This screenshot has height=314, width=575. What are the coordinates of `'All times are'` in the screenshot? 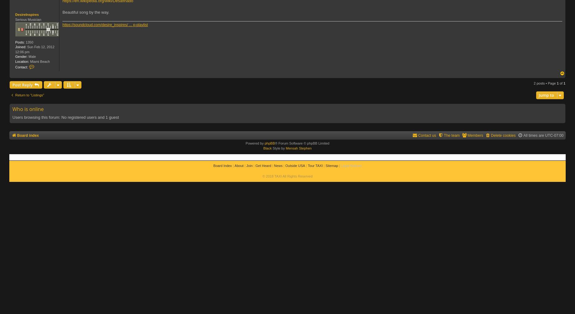 It's located at (534, 135).